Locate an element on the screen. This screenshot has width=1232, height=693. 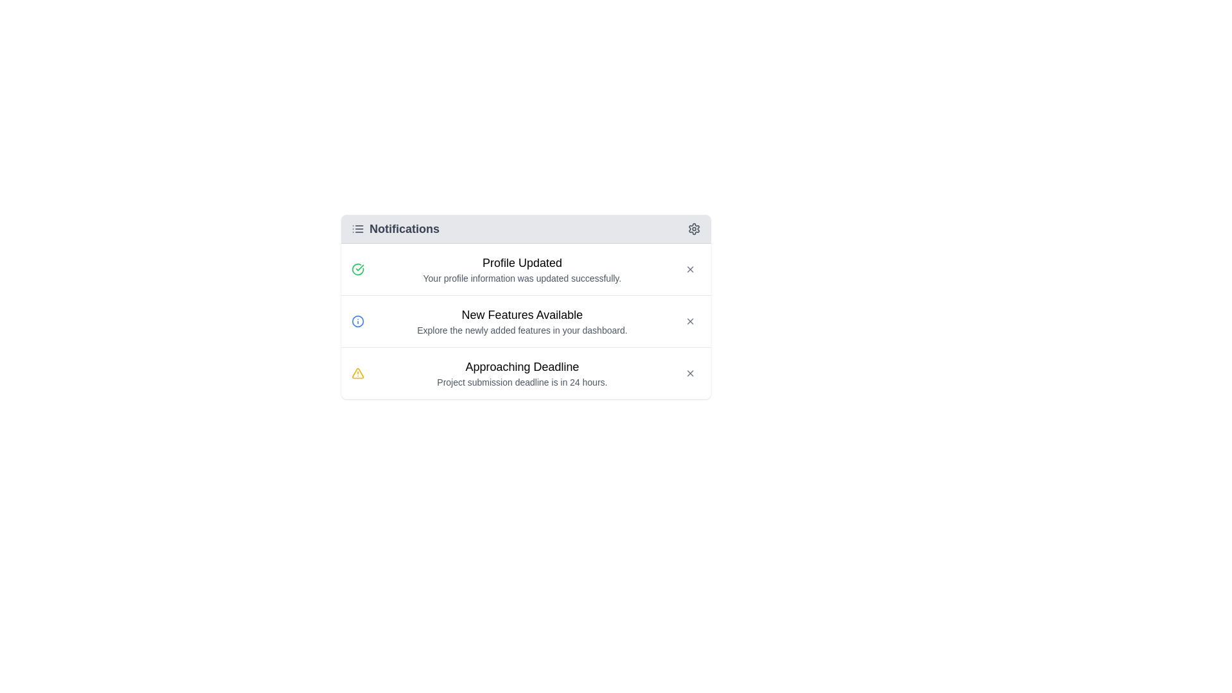
the dismiss button that removes the 'New Features Available' notification, located at the rightmost end of the notification interface is located at coordinates (689, 321).